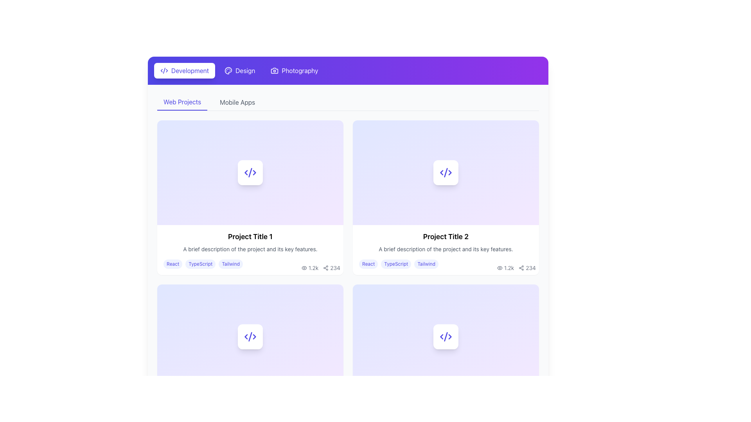 The width and height of the screenshot is (751, 422). What do you see at coordinates (250, 172) in the screenshot?
I see `the middle slanted line icon within the SVG representation on the card labeled 'Project Title 1'` at bounding box center [250, 172].